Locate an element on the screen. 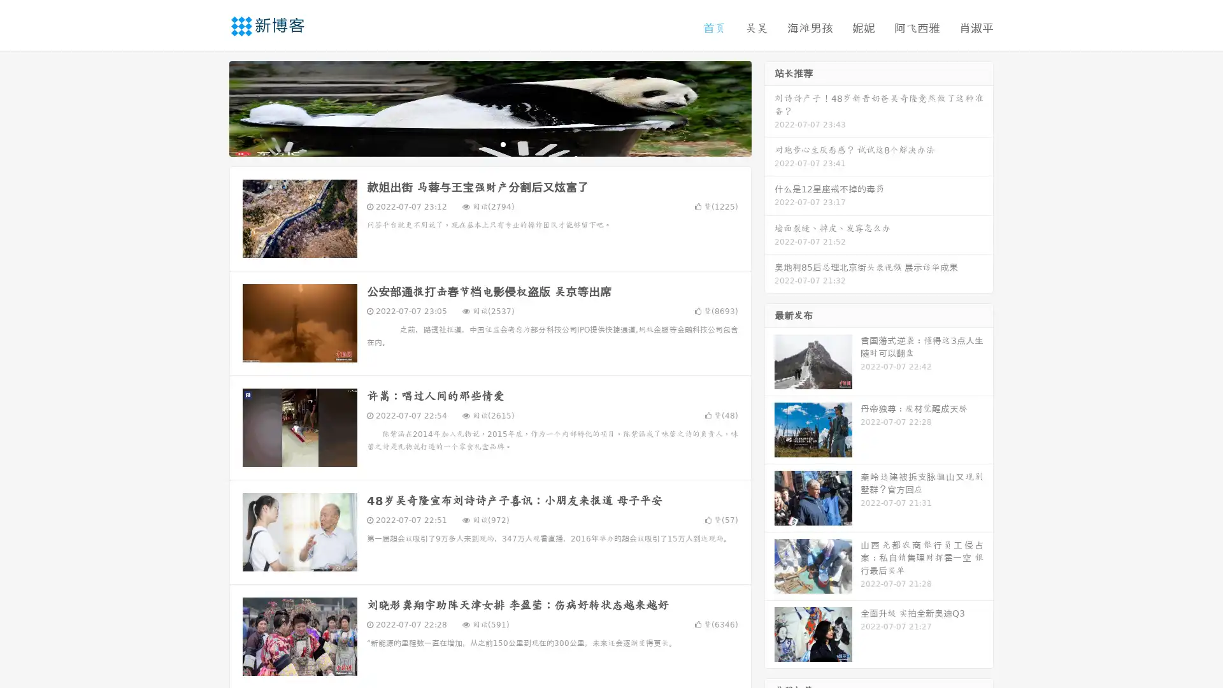  Previous slide is located at coordinates (210, 107).